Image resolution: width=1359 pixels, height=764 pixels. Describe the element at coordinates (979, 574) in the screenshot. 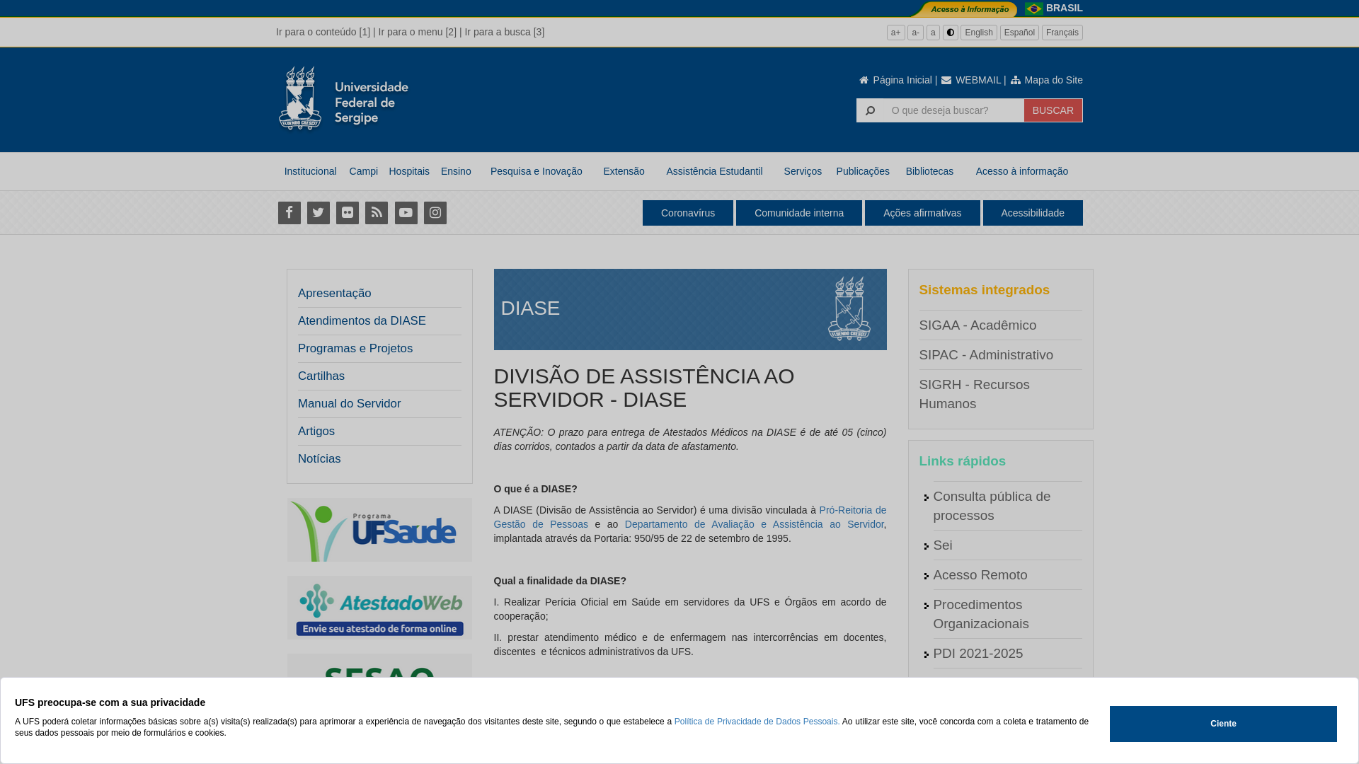

I see `'Acesso Remoto'` at that location.